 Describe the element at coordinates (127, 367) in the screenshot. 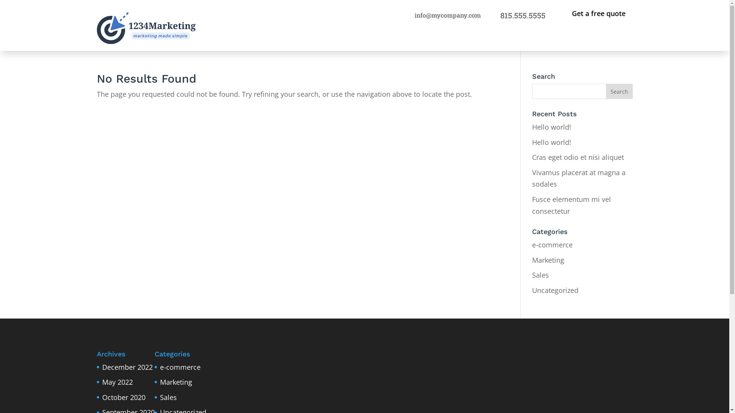

I see `'December 2022'` at that location.